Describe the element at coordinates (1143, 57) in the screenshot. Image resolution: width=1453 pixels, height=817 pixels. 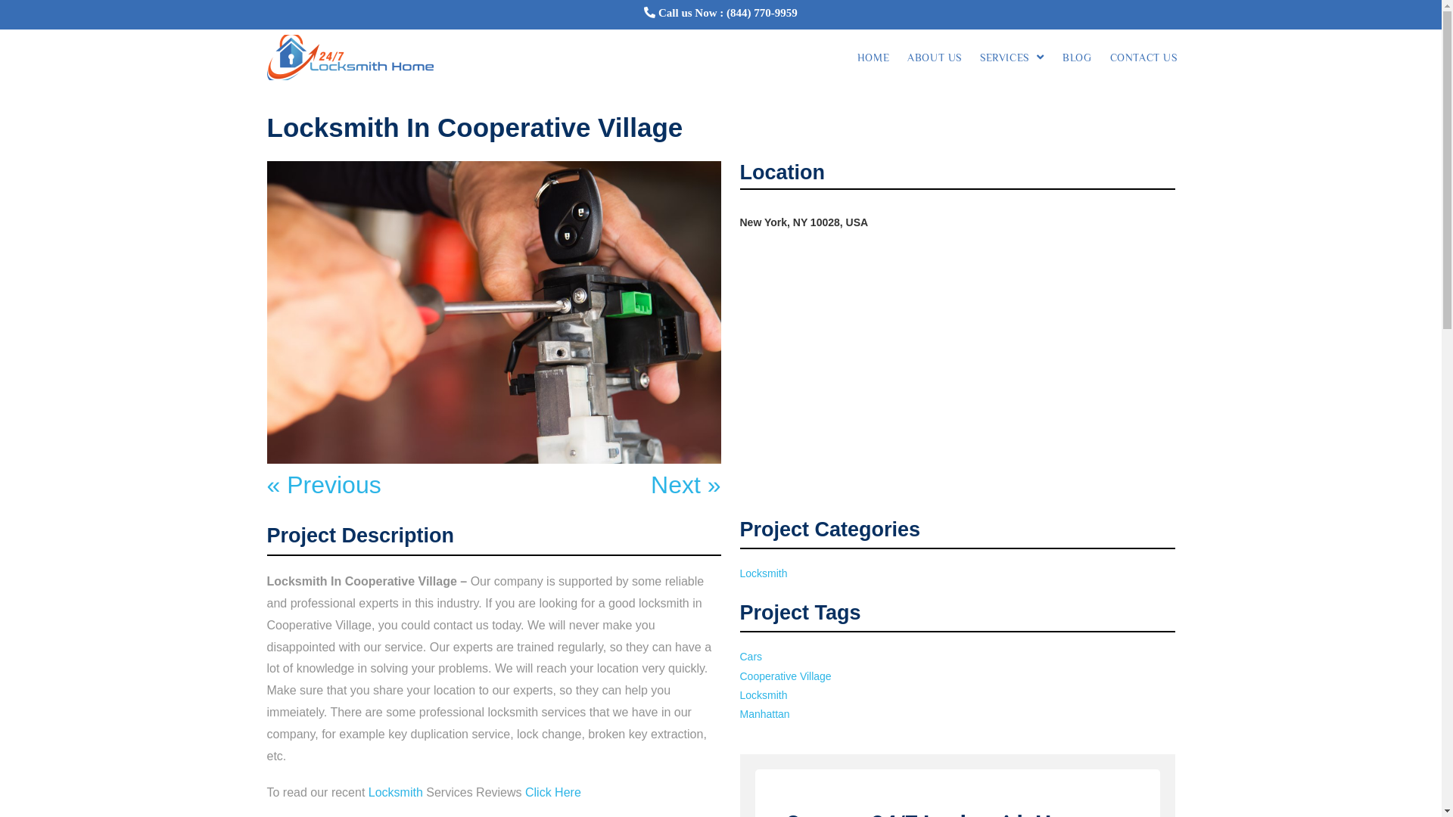
I see `'CONTACT US'` at that location.